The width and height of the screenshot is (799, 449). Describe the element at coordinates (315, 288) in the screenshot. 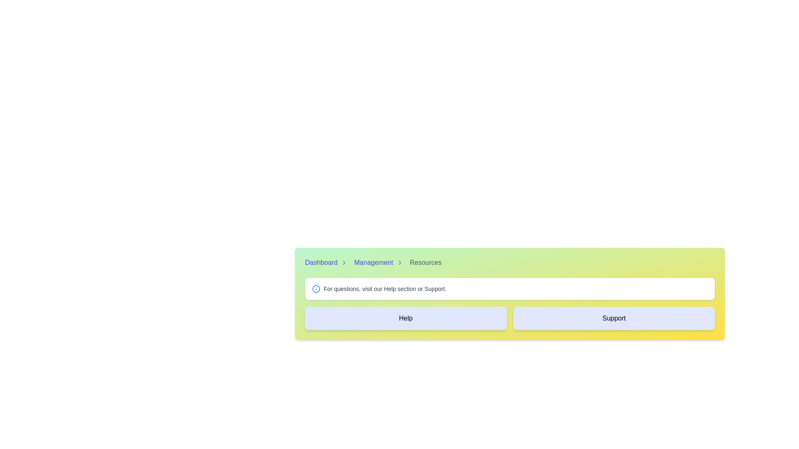

I see `the circular SVG graphic icon with a blue perimeter, located on the left side of the informational bar` at that location.